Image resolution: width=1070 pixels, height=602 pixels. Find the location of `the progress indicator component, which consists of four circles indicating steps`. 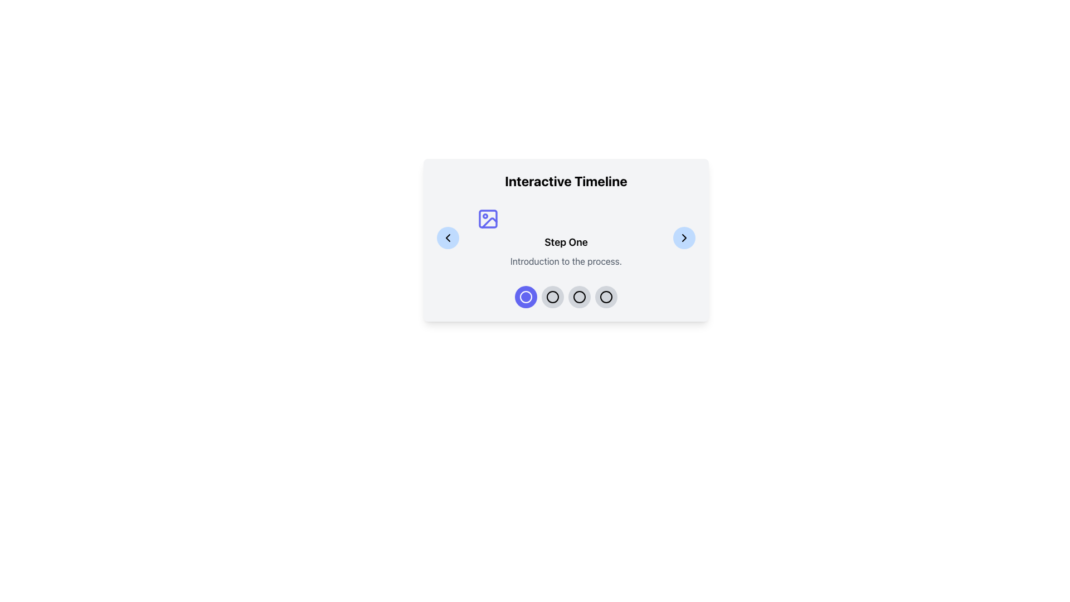

the progress indicator component, which consists of four circles indicating steps is located at coordinates (566, 296).